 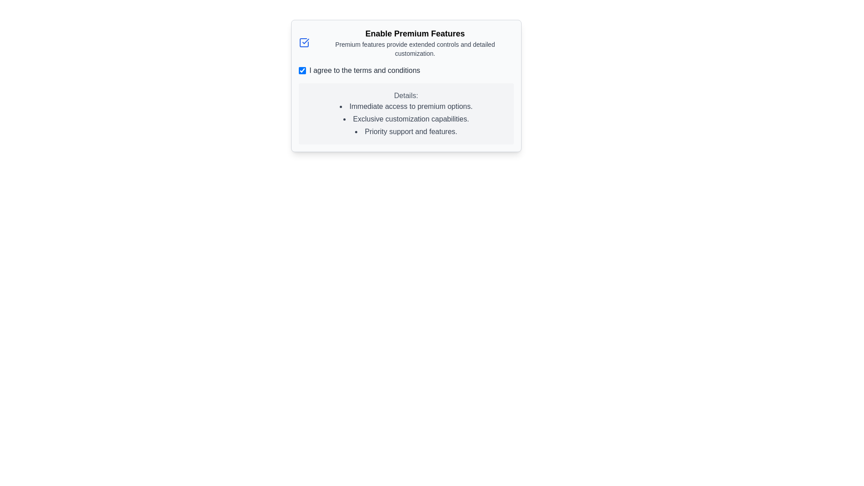 What do you see at coordinates (405, 70) in the screenshot?
I see `the agreement acknowledgment checkbox located beneath the 'Enable Premium Features' title` at bounding box center [405, 70].